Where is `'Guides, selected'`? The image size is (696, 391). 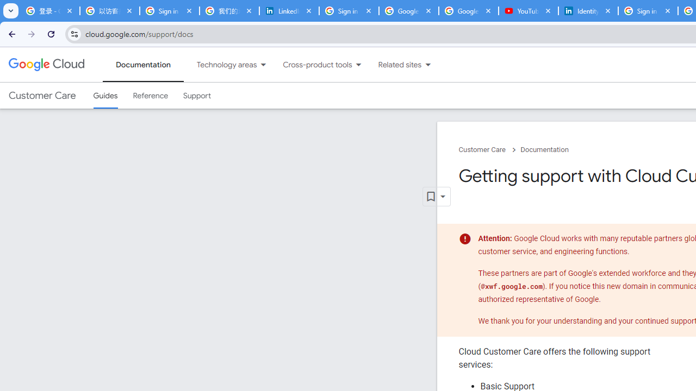
'Guides, selected' is located at coordinates (105, 95).